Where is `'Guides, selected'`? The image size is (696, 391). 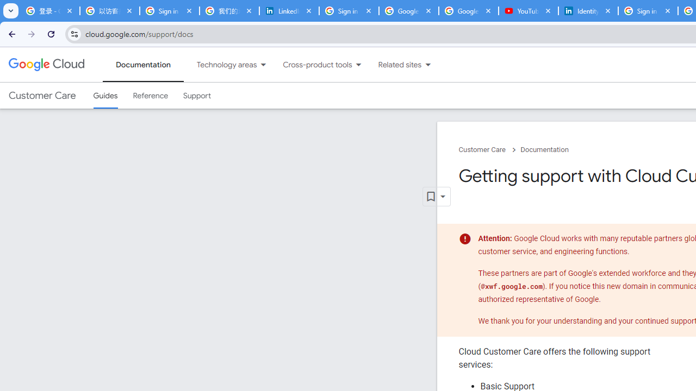
'Guides, selected' is located at coordinates (105, 95).